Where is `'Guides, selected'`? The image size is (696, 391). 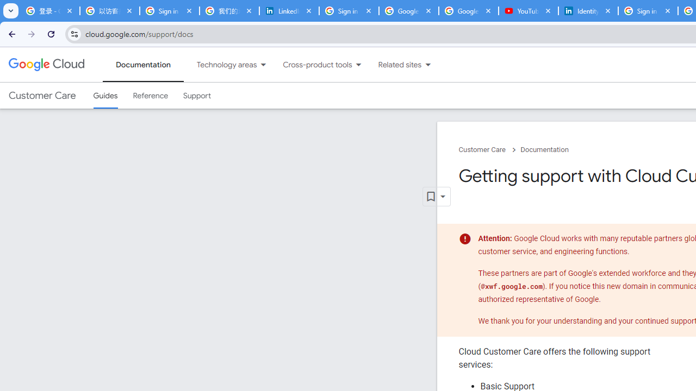
'Guides, selected' is located at coordinates (105, 95).